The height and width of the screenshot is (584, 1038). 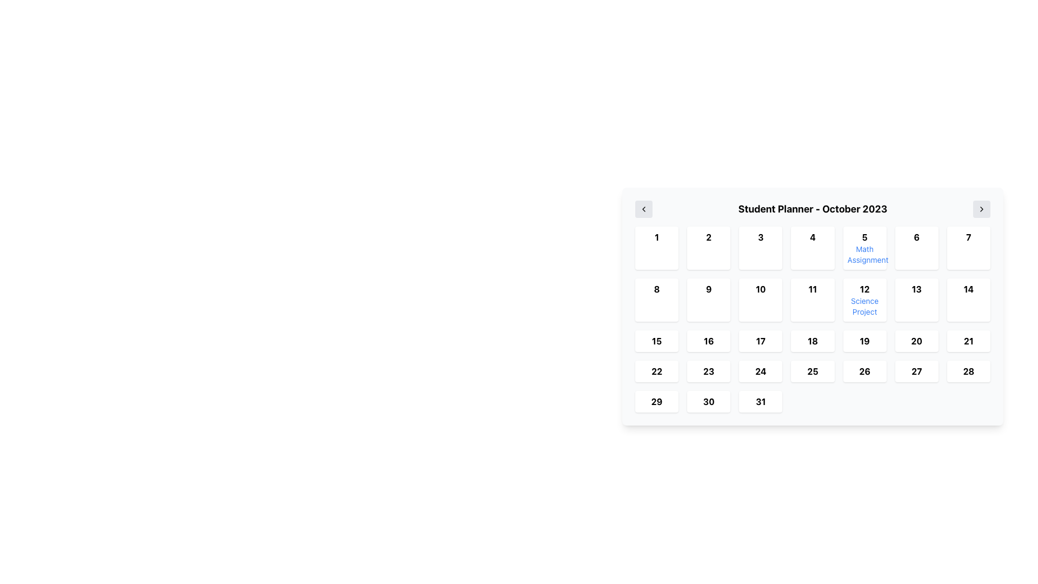 I want to click on the grid cell representing 'Day 1' of the calendar, so click(x=656, y=248).